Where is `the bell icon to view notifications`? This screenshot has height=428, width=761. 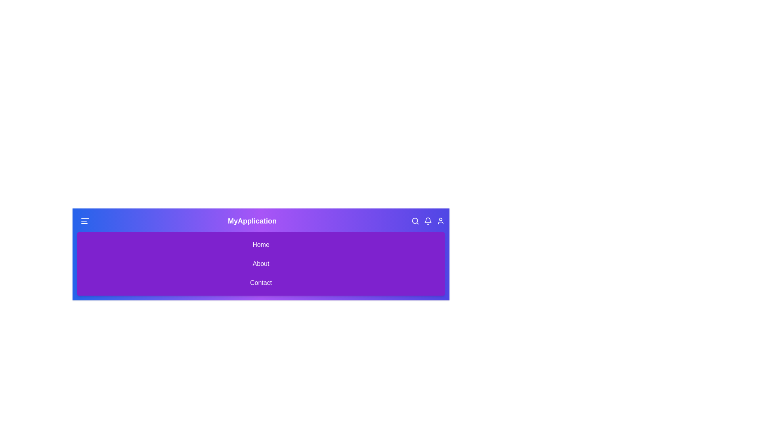
the bell icon to view notifications is located at coordinates (428, 221).